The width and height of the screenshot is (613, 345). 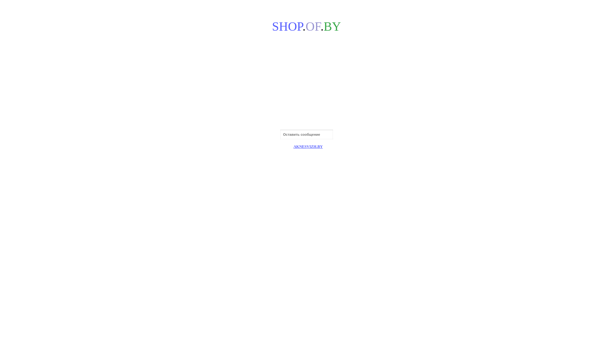 I want to click on 'AKNESVIZH.BY', so click(x=308, y=147).